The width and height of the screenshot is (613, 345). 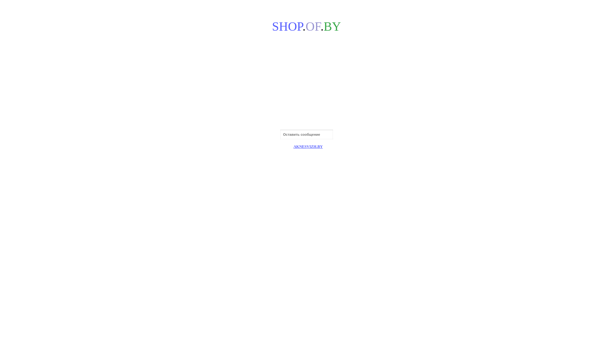 I want to click on 'AKNESVIZH.BY', so click(x=308, y=147).